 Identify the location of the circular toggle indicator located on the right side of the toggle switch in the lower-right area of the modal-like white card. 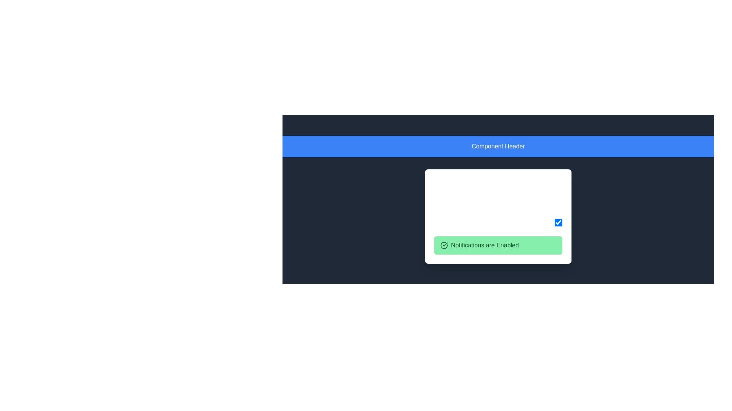
(558, 201).